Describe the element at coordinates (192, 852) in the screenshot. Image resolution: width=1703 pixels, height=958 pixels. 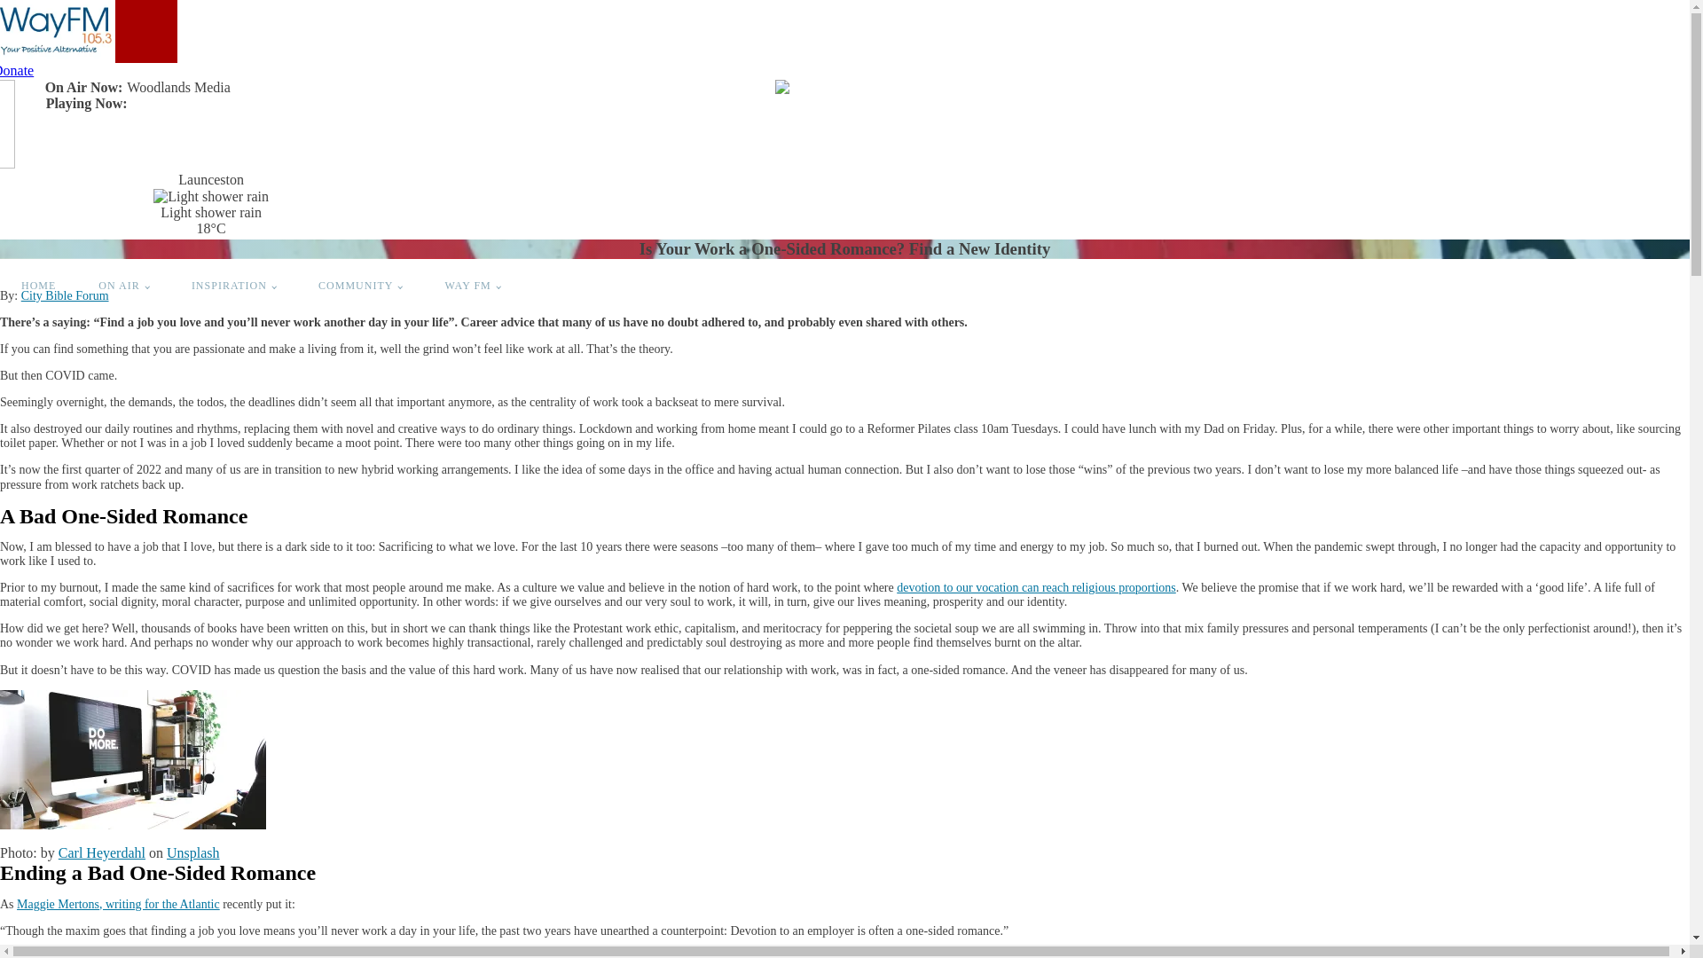
I see `'Unsplash'` at that location.